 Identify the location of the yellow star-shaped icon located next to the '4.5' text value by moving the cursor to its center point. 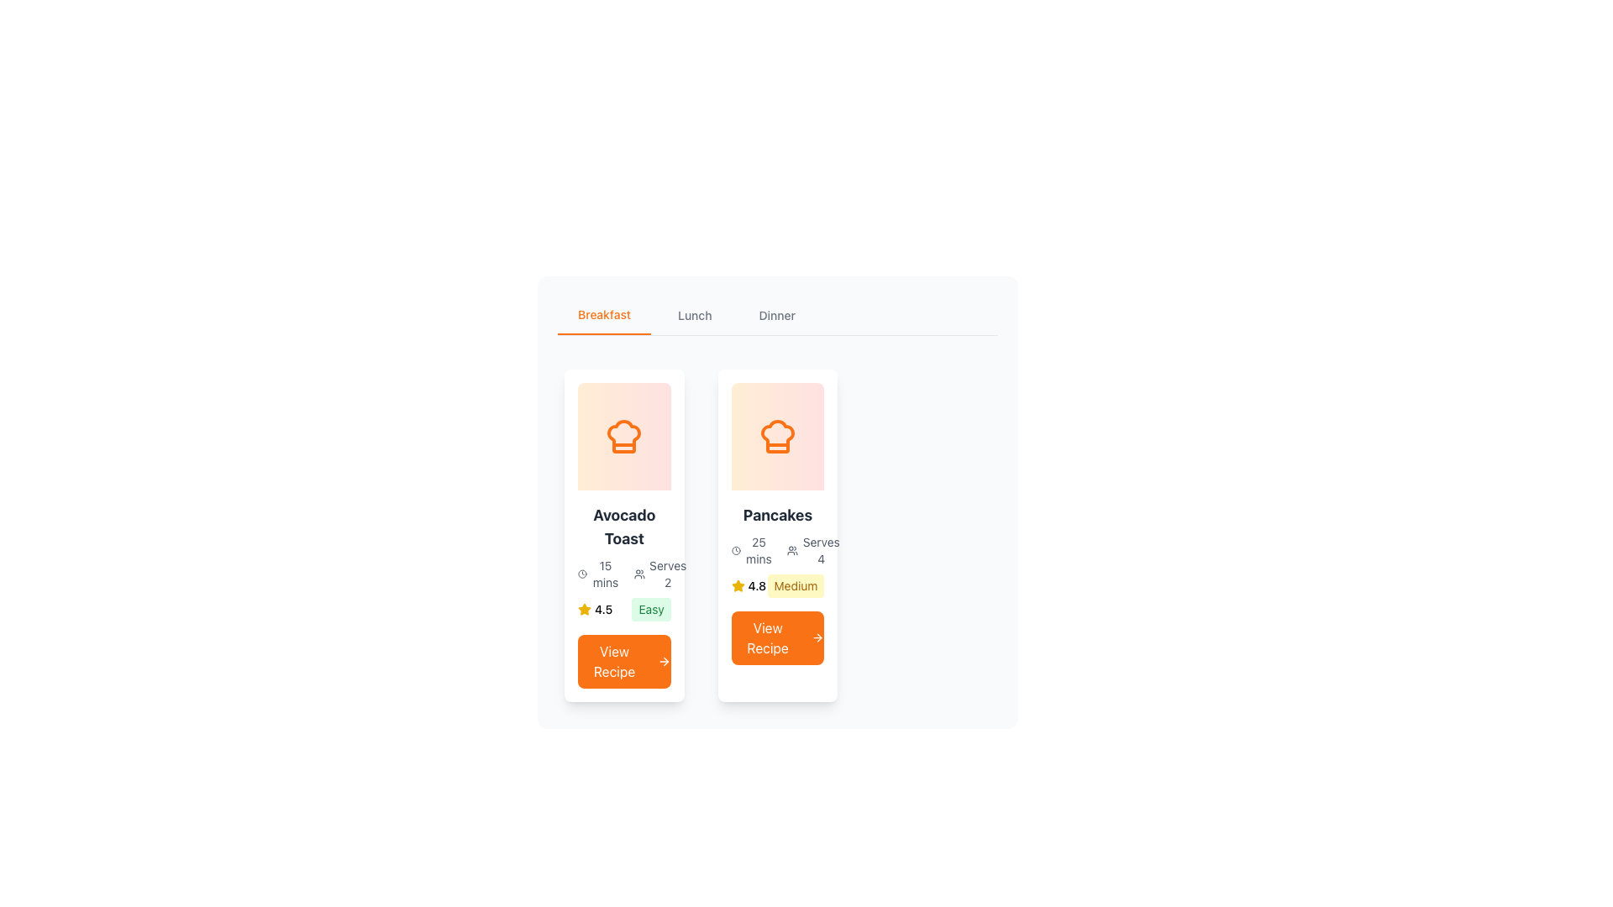
(585, 609).